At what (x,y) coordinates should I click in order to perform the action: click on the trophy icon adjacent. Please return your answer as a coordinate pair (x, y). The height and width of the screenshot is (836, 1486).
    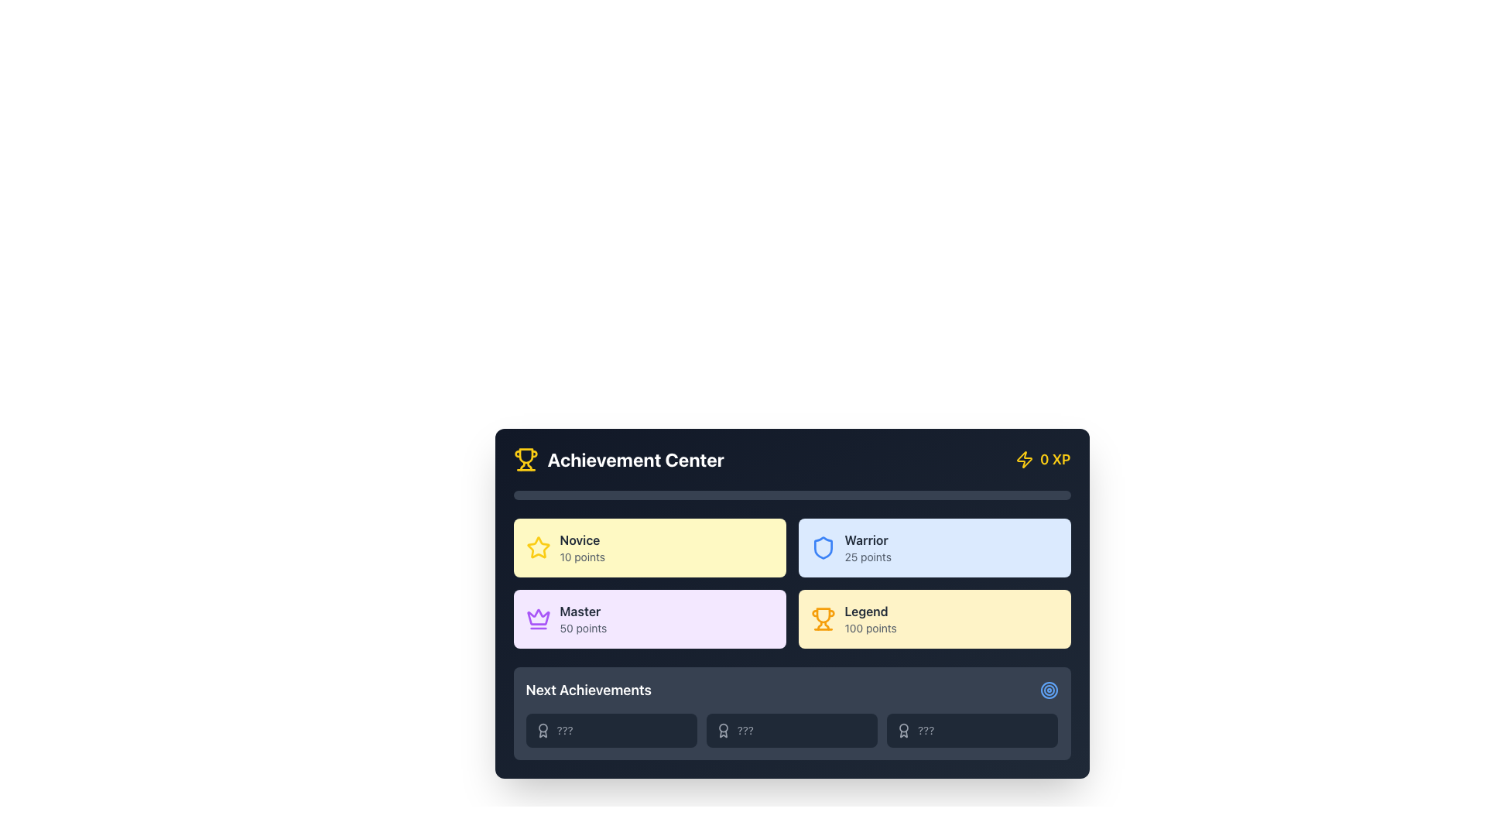
    Looking at the image, I should click on (618, 459).